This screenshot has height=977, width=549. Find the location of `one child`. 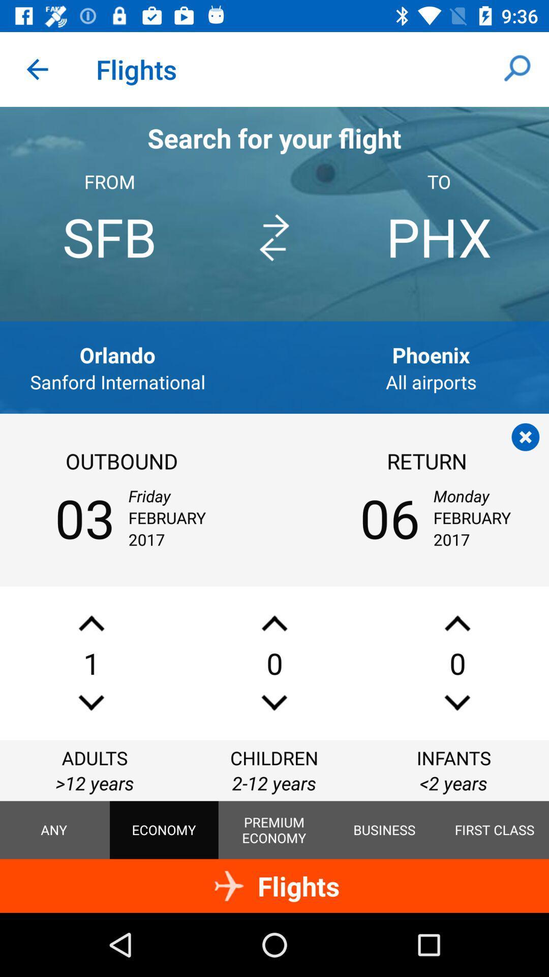

one child is located at coordinates (274, 623).